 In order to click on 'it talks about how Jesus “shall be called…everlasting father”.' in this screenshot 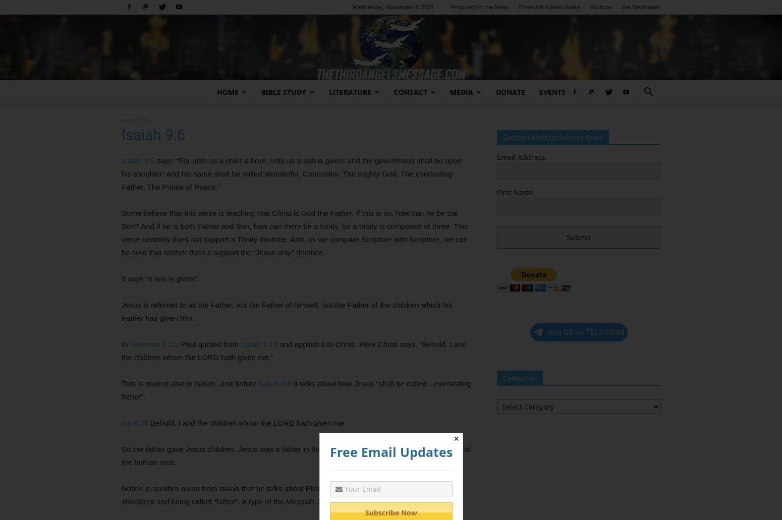, I will do `click(296, 389)`.